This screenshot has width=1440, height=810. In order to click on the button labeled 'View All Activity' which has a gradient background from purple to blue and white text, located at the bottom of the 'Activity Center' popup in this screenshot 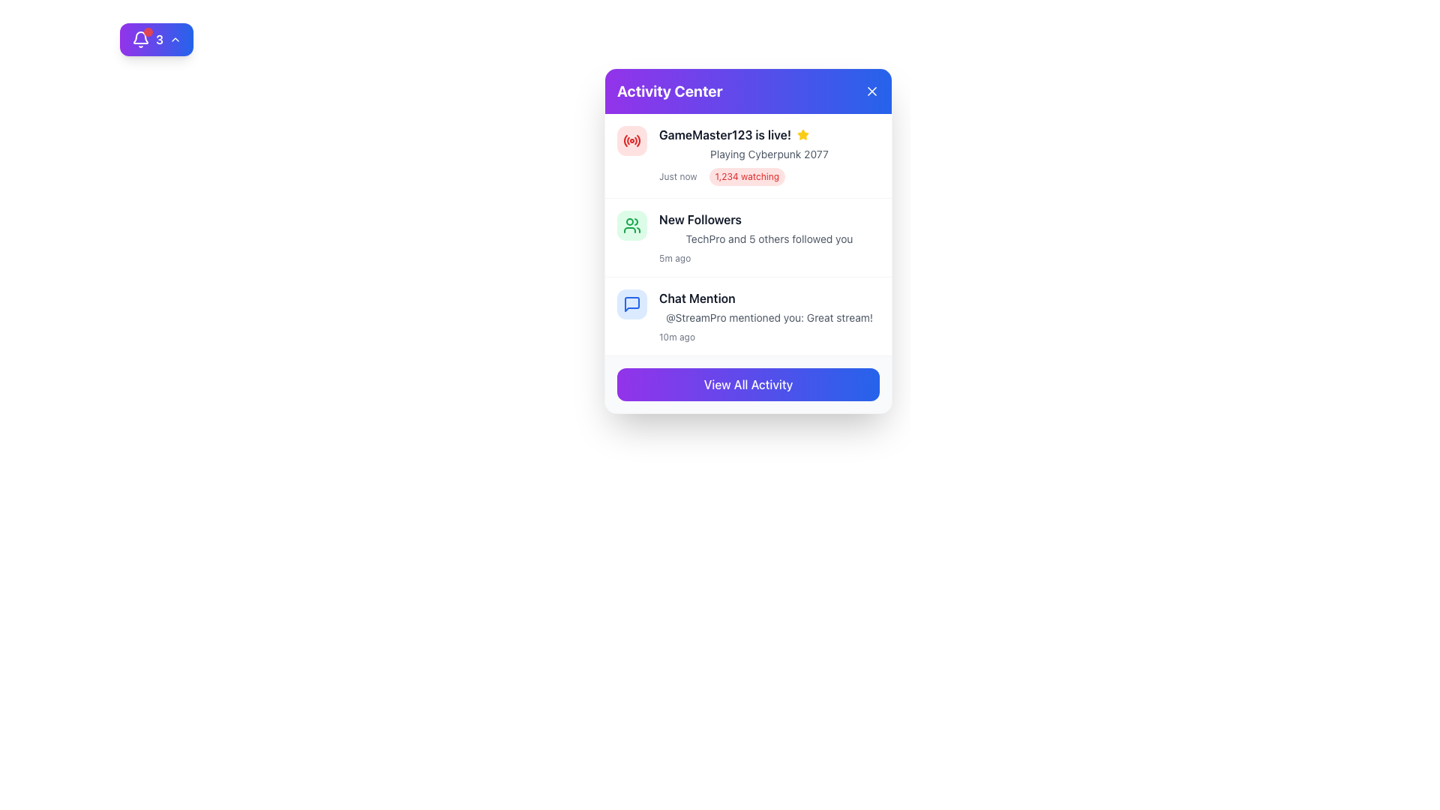, I will do `click(748, 384)`.